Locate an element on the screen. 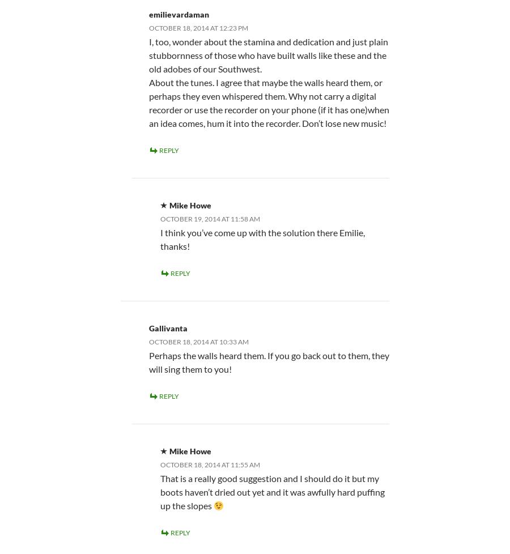 This screenshot has height=554, width=510. 'emilievardaman' is located at coordinates (148, 14).